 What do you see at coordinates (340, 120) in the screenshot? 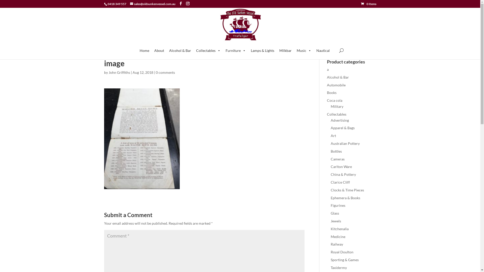
I see `'Advertising'` at bounding box center [340, 120].